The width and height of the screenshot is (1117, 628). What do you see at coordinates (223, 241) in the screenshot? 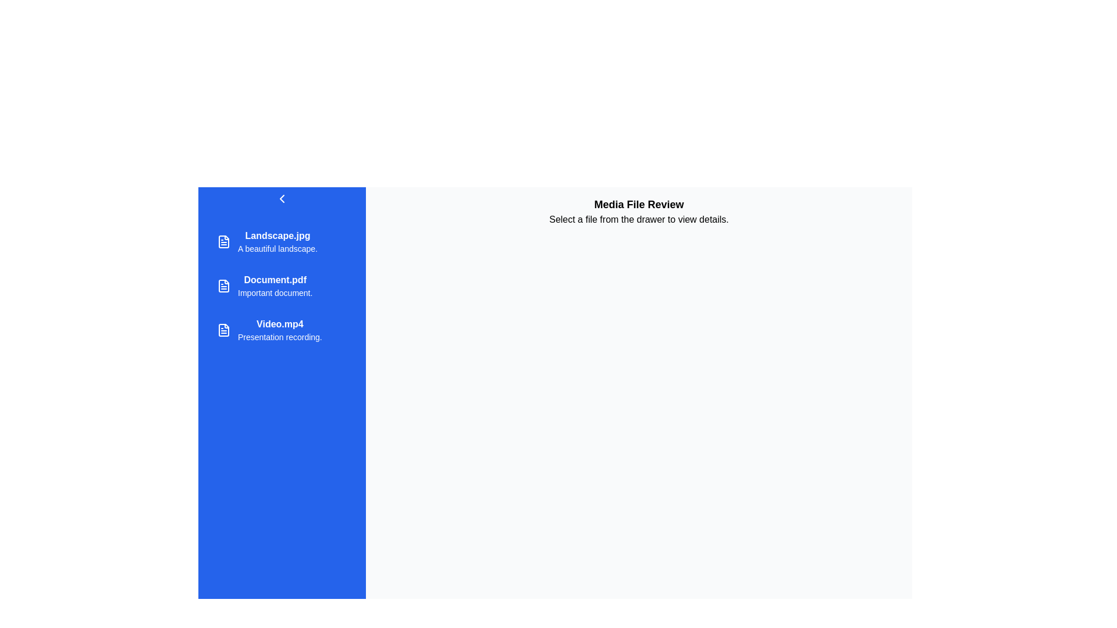
I see `the document icon SVG element associated with 'Document.pdf' in the left sidebar` at bounding box center [223, 241].